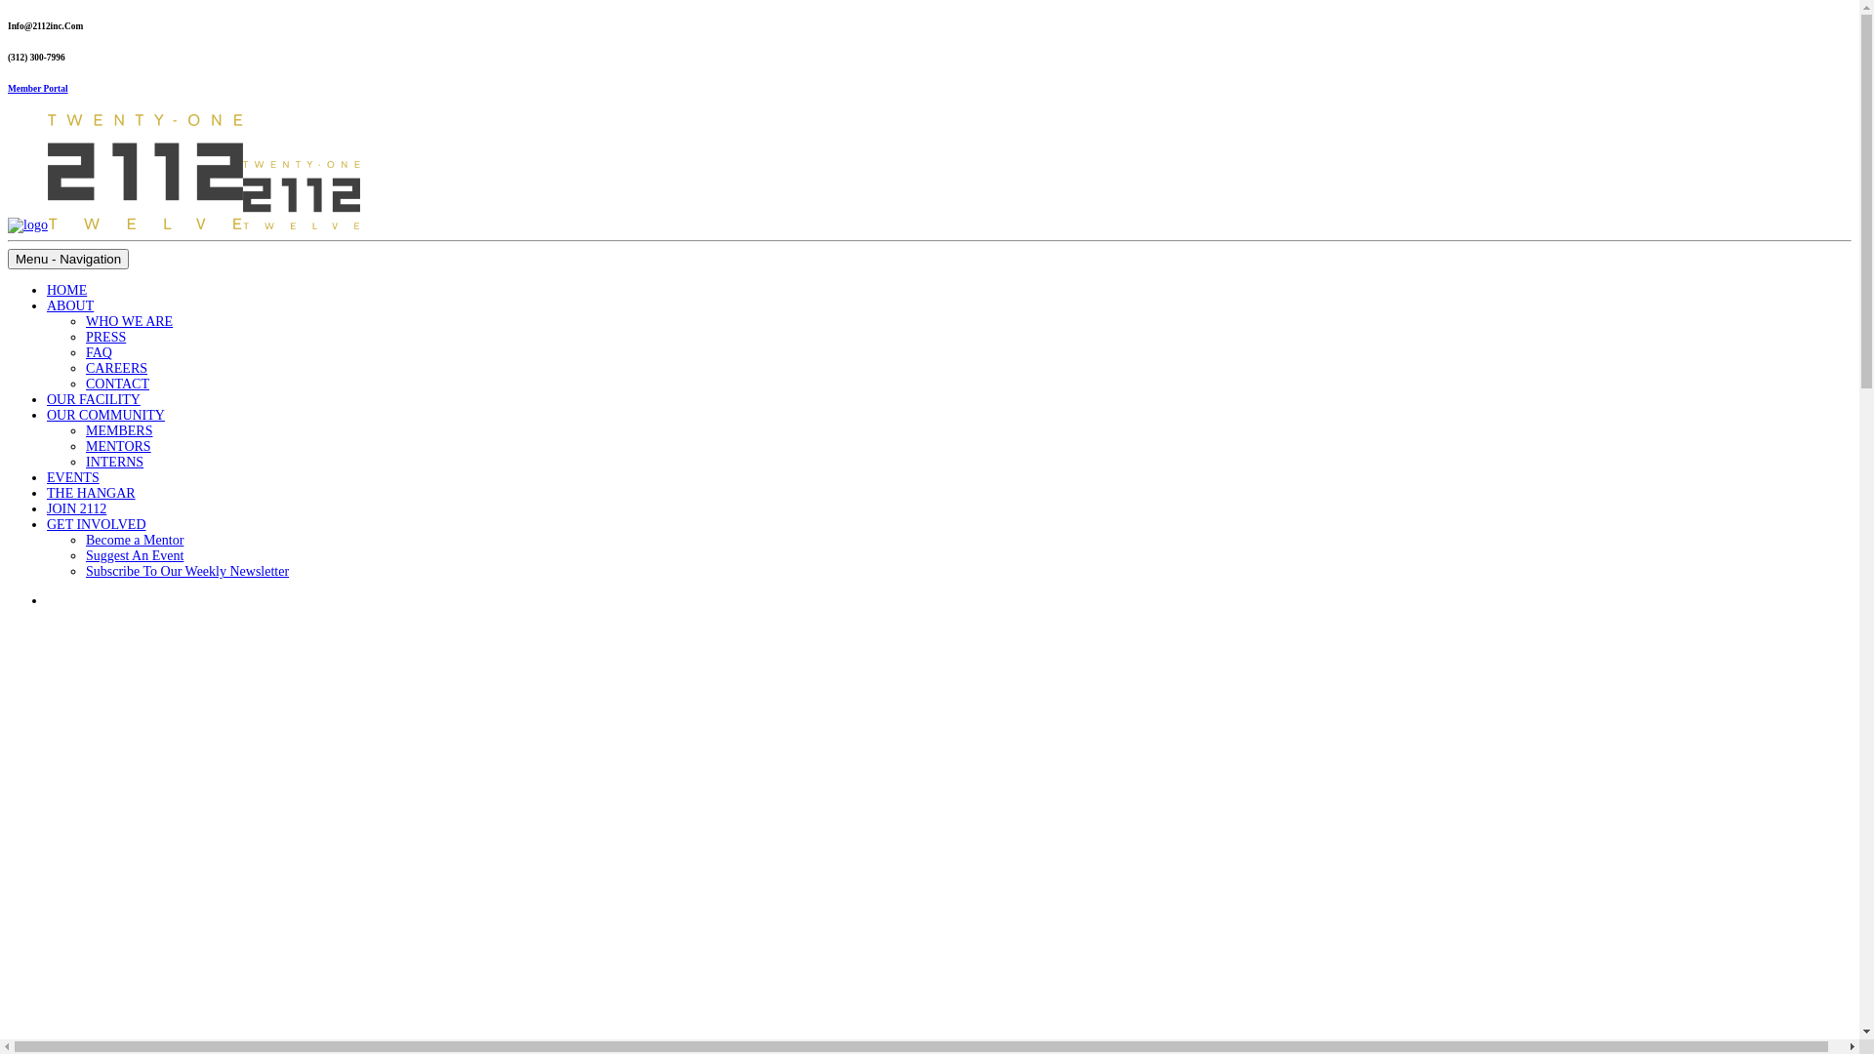 Image resolution: width=1874 pixels, height=1054 pixels. Describe the element at coordinates (117, 429) in the screenshot. I see `'MEMBERS'` at that location.